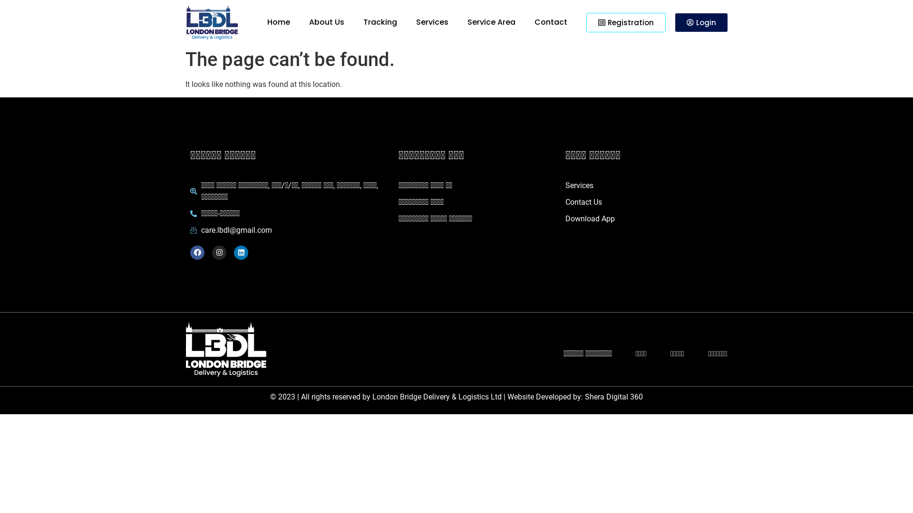 The width and height of the screenshot is (913, 513). I want to click on 'Home', so click(278, 21).